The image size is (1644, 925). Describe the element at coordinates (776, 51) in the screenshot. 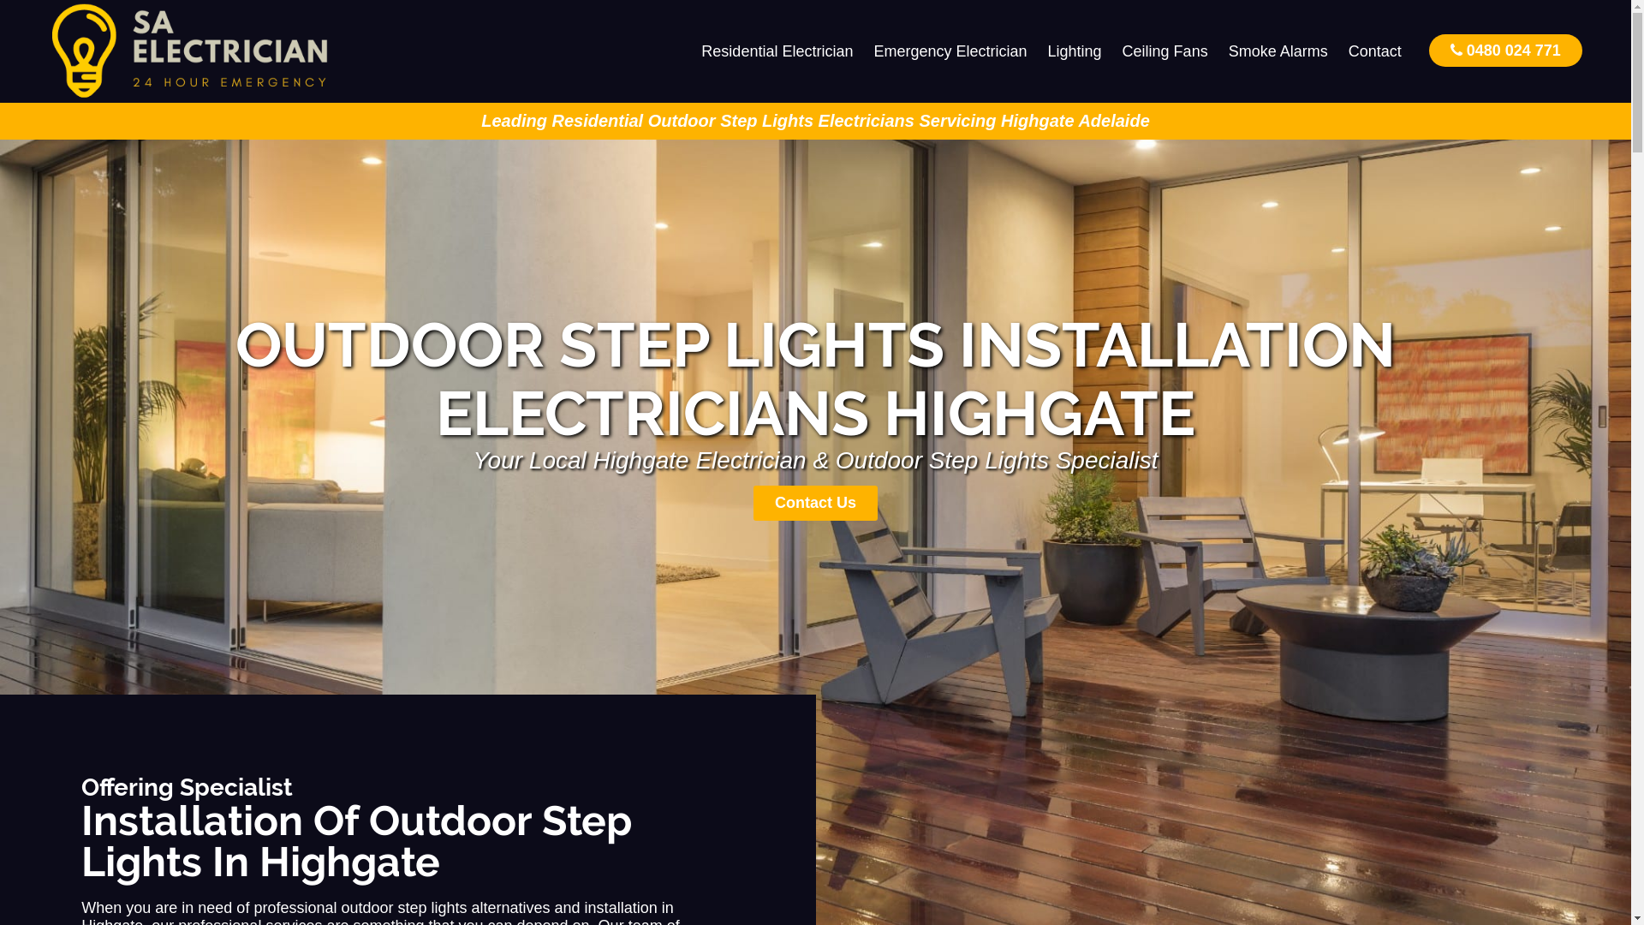

I see `'Residential Electrician'` at that location.